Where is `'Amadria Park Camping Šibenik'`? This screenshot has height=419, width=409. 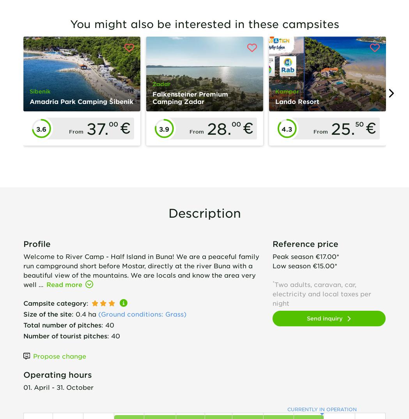 'Amadria Park Camping Šibenik' is located at coordinates (81, 101).